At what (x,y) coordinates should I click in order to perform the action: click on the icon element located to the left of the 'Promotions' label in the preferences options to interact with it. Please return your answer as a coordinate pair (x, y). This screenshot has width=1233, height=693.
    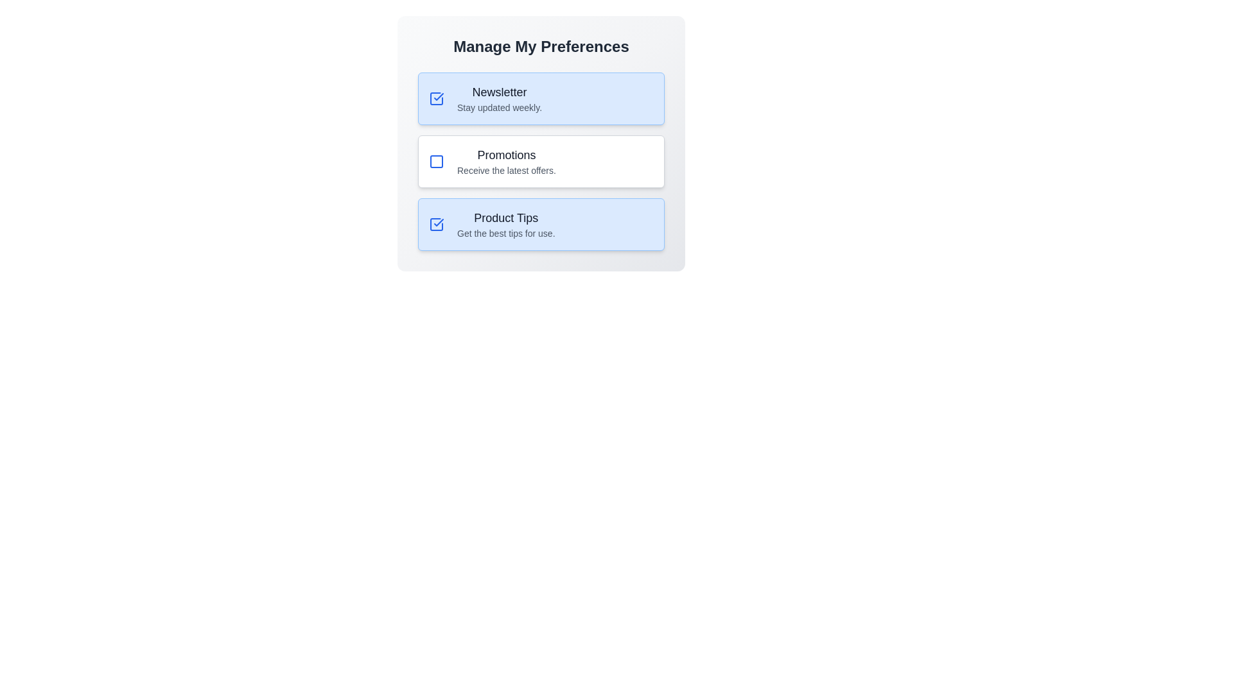
    Looking at the image, I should click on (437, 160).